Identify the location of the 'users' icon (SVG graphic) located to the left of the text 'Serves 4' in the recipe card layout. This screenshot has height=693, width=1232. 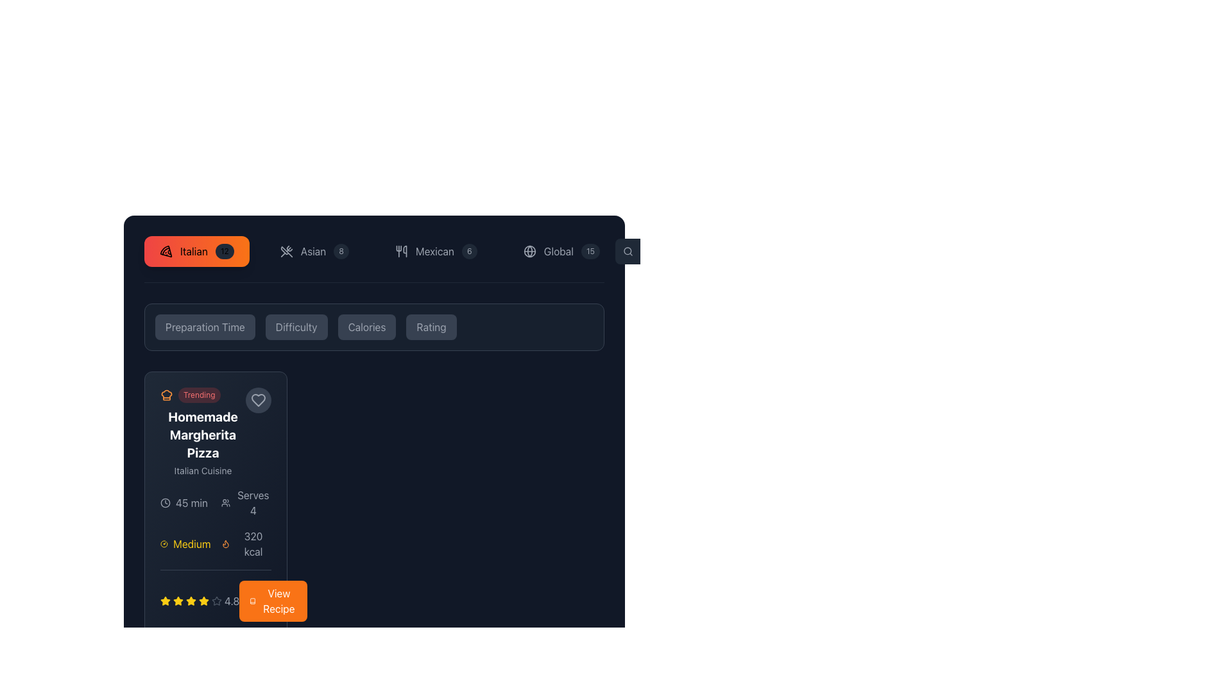
(225, 502).